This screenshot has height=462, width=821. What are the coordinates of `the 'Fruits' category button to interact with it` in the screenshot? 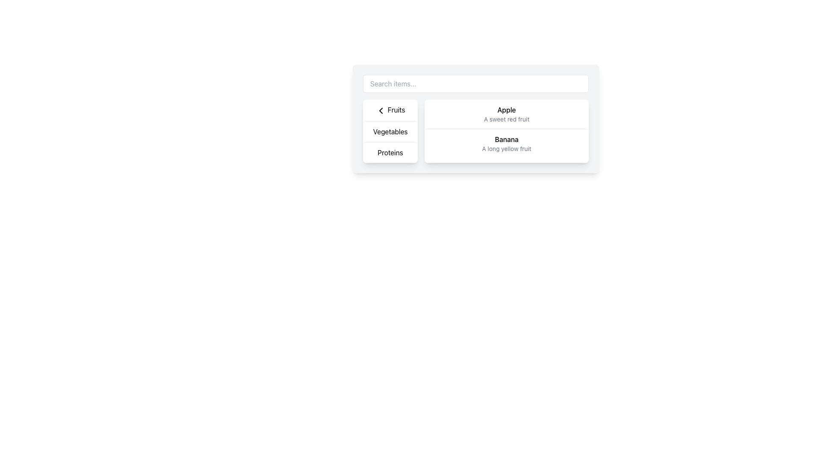 It's located at (390, 110).